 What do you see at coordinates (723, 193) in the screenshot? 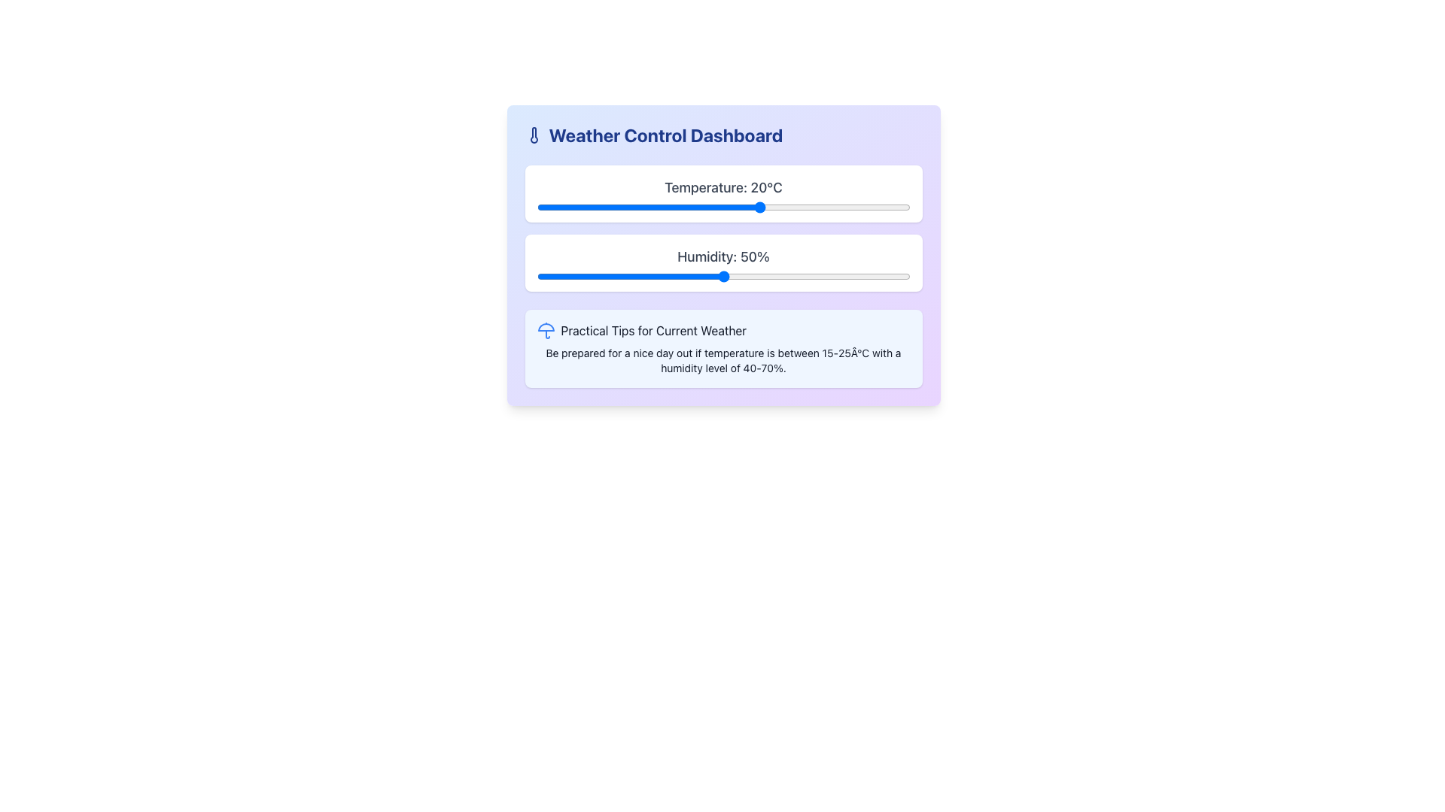
I see `the interactive slider labeled 'Temperature: 20°C' to adjust the value` at bounding box center [723, 193].